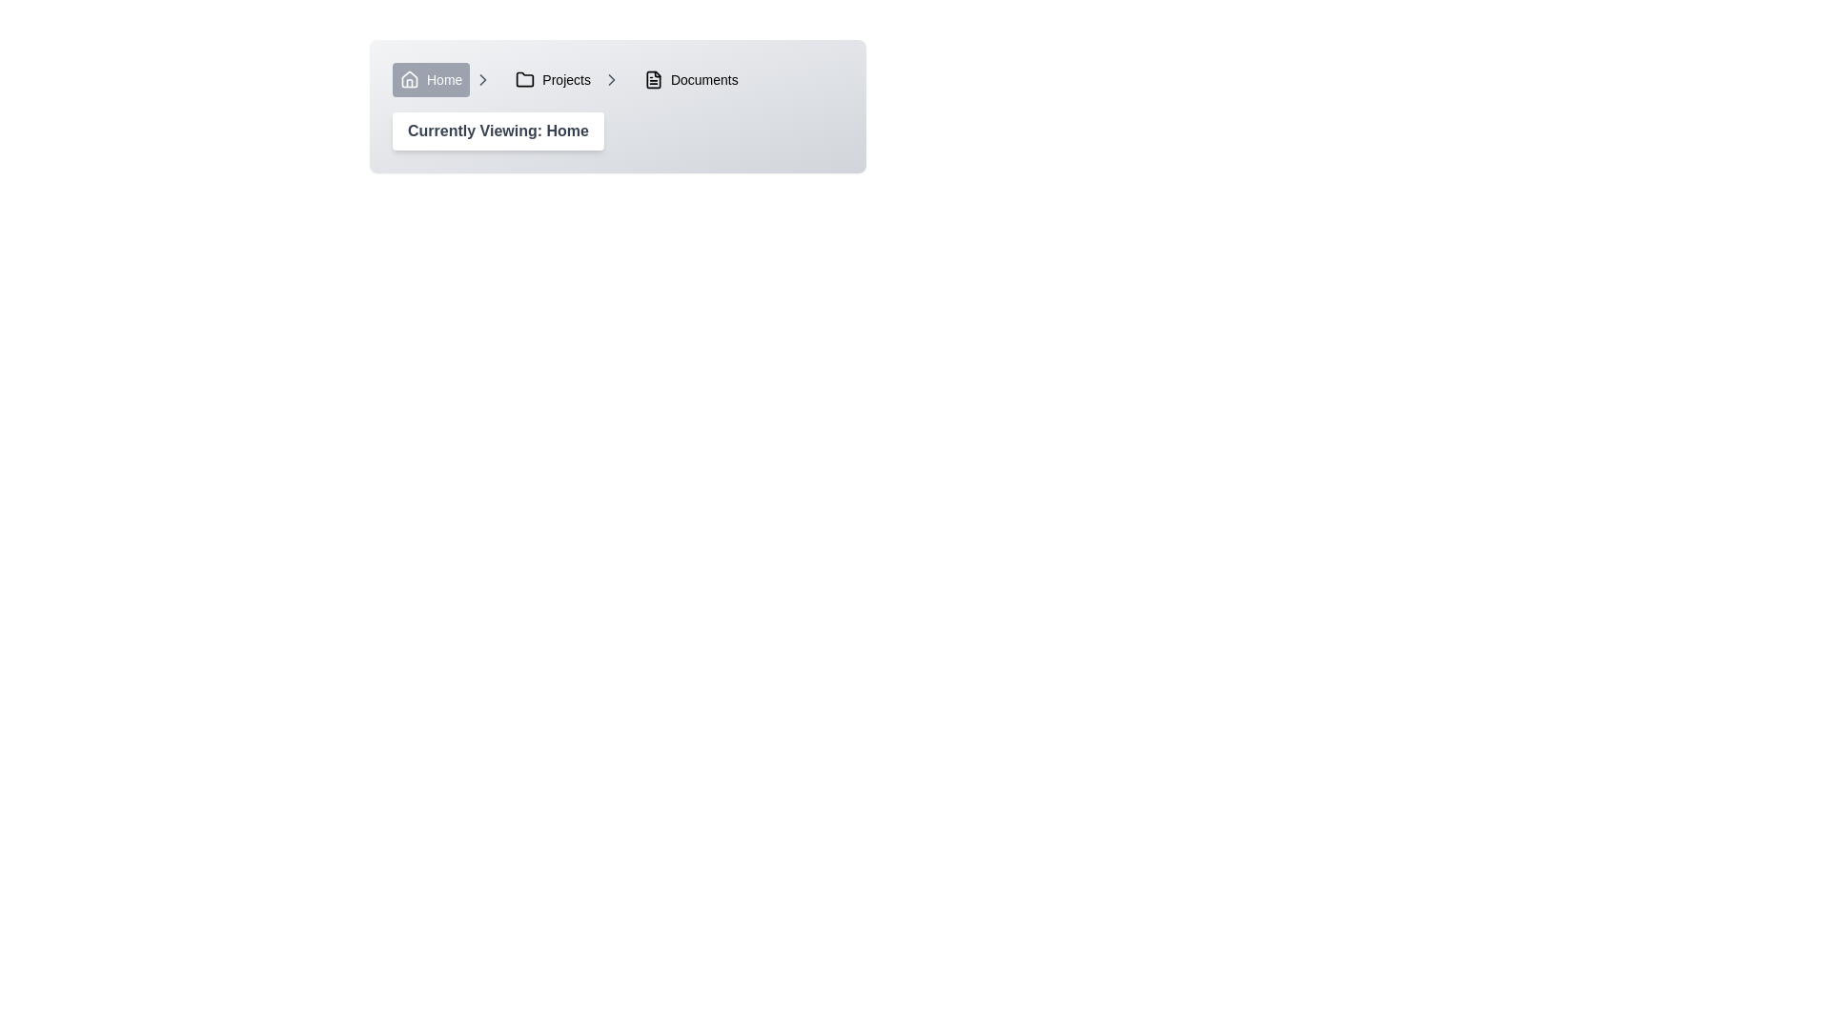  I want to click on the breadcrumb navigation icon that indicates progression to the next item, located between the 'Home' label and the next breadcrumb item, so click(483, 79).